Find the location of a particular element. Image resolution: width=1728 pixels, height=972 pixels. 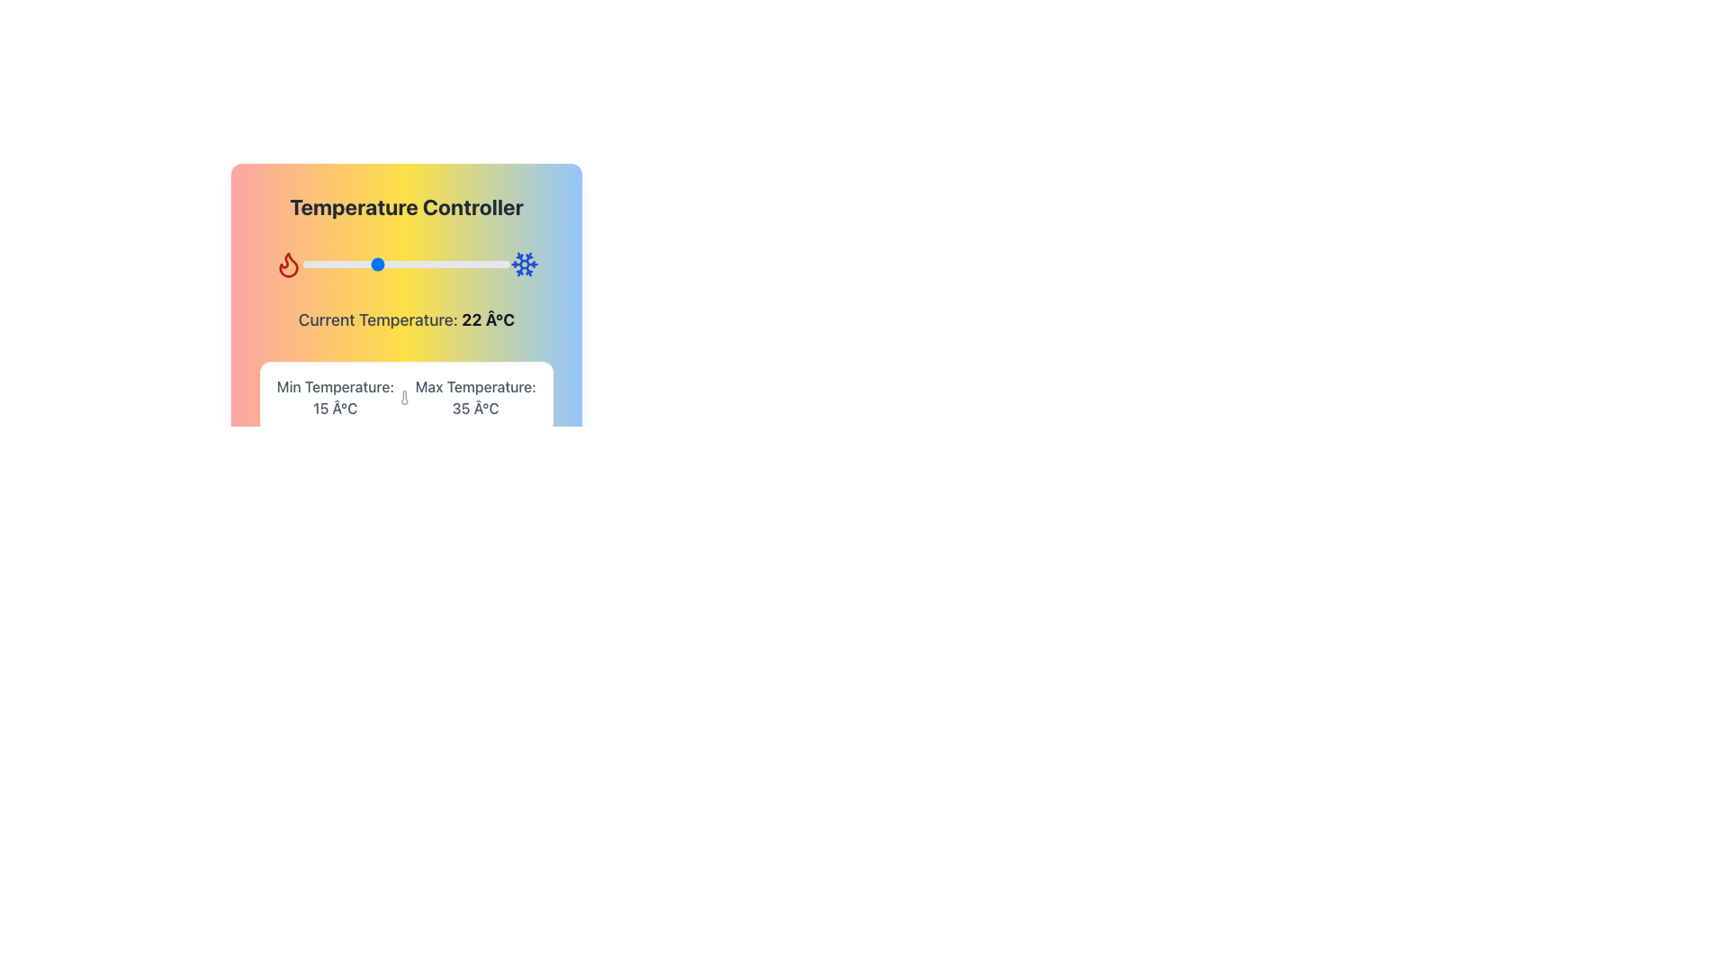

the temperature reading text element that displays the current environmental or system temperature, located to the right of the 'Current Temperature:' label is located at coordinates (488, 319).